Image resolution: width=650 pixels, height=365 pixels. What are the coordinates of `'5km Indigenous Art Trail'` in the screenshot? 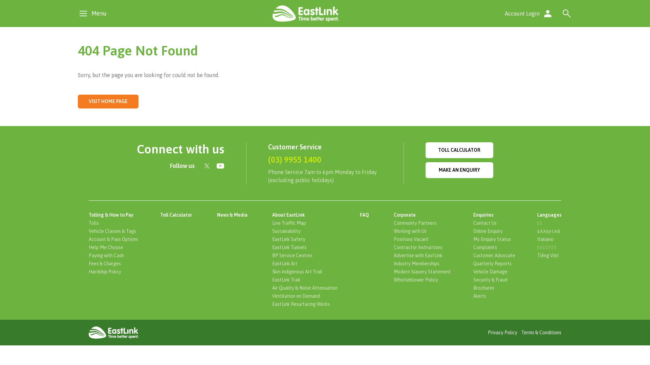 It's located at (300, 271).